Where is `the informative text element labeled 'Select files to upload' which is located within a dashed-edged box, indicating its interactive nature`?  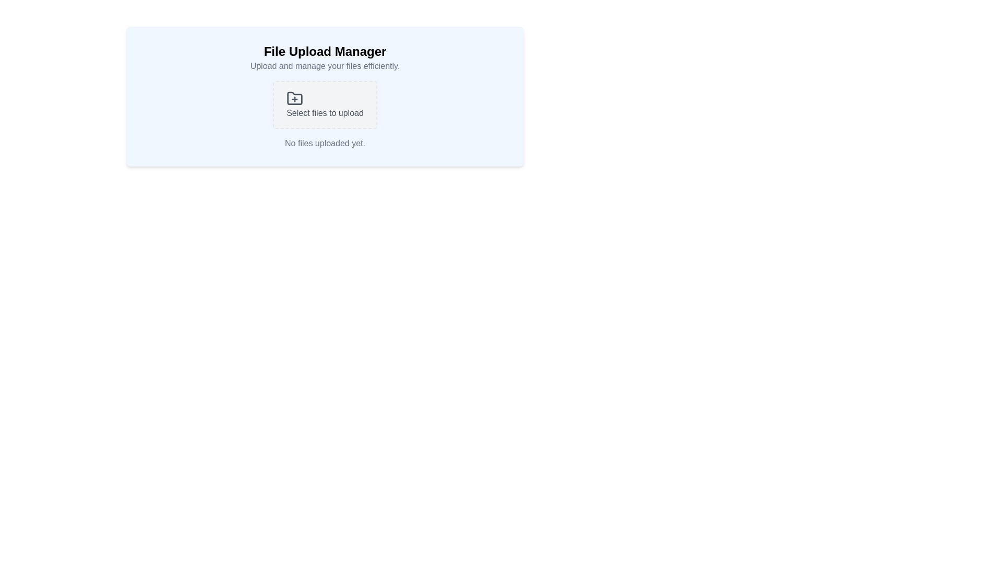 the informative text element labeled 'Select files to upload' which is located within a dashed-edged box, indicating its interactive nature is located at coordinates (325, 113).